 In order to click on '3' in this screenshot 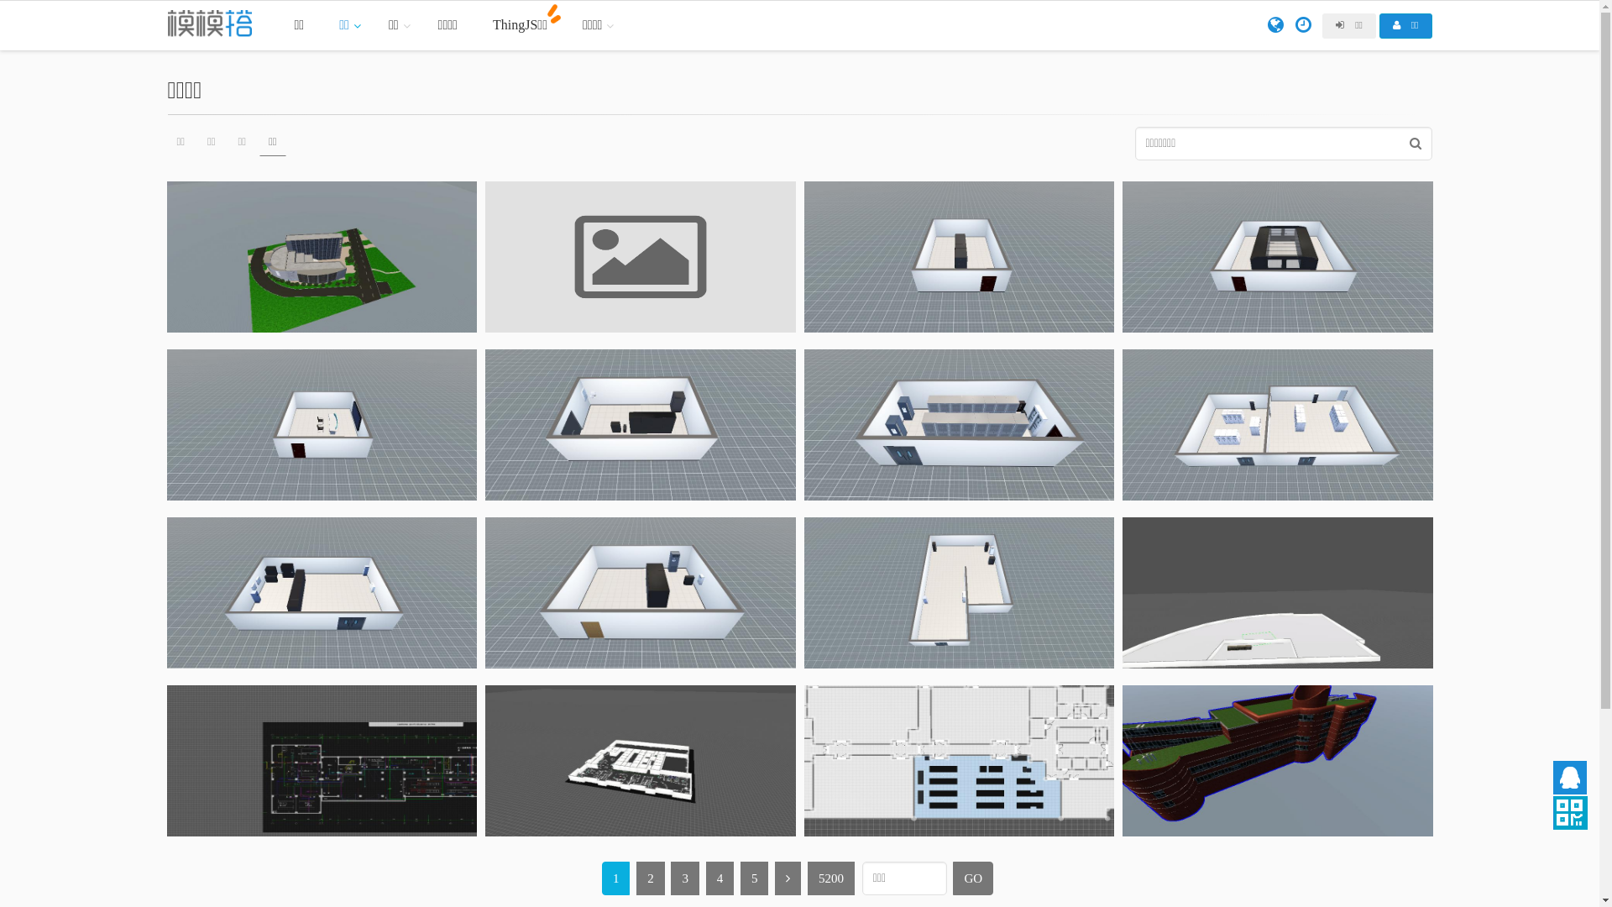, I will do `click(685, 877)`.